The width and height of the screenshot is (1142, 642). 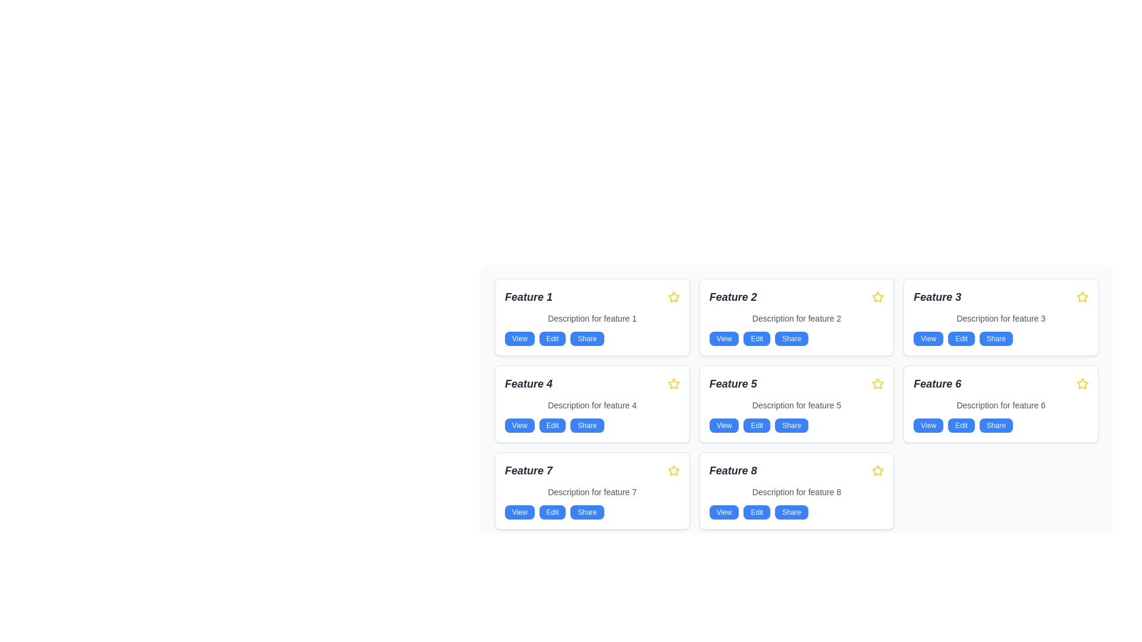 I want to click on the label or text heading that serves as the title for the card, located in the third row, second column of the grid, above the 'Description for feature 6' and to the left of the yellow star icon, so click(x=937, y=383).